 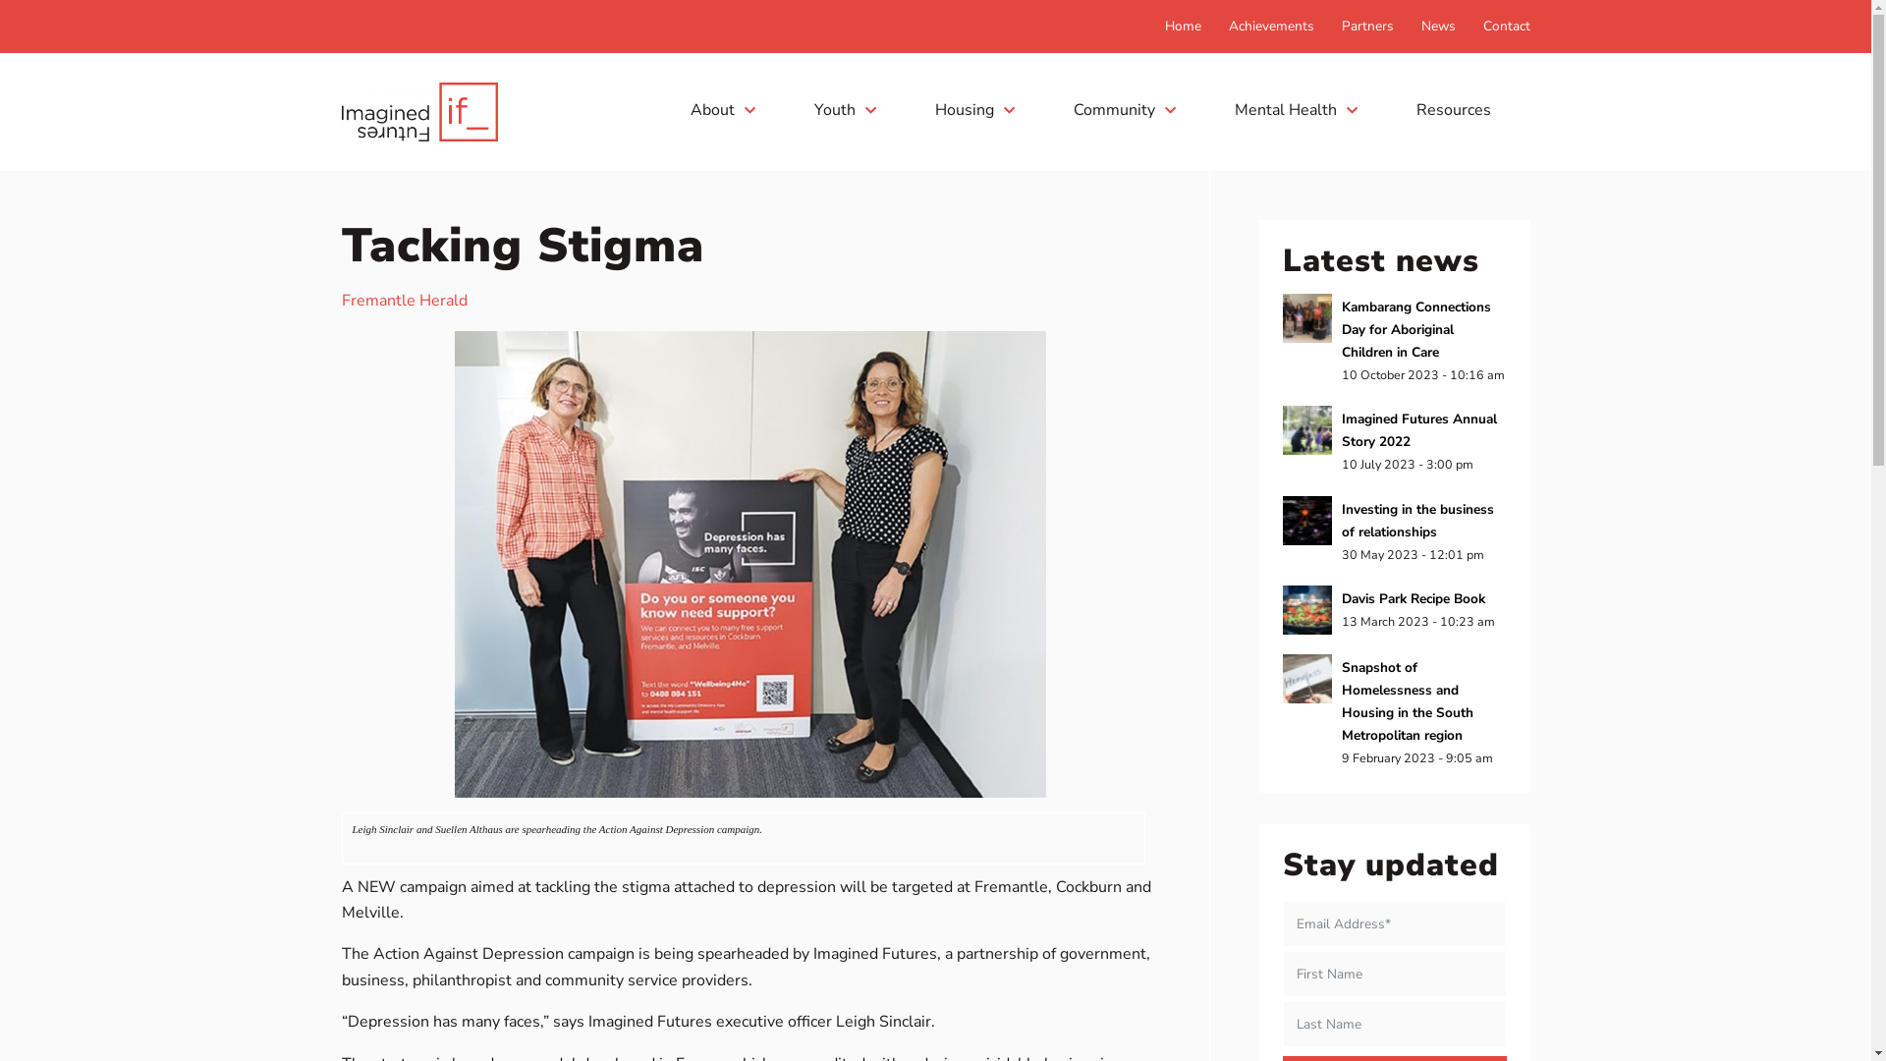 I want to click on 'Partners', so click(x=1366, y=26).